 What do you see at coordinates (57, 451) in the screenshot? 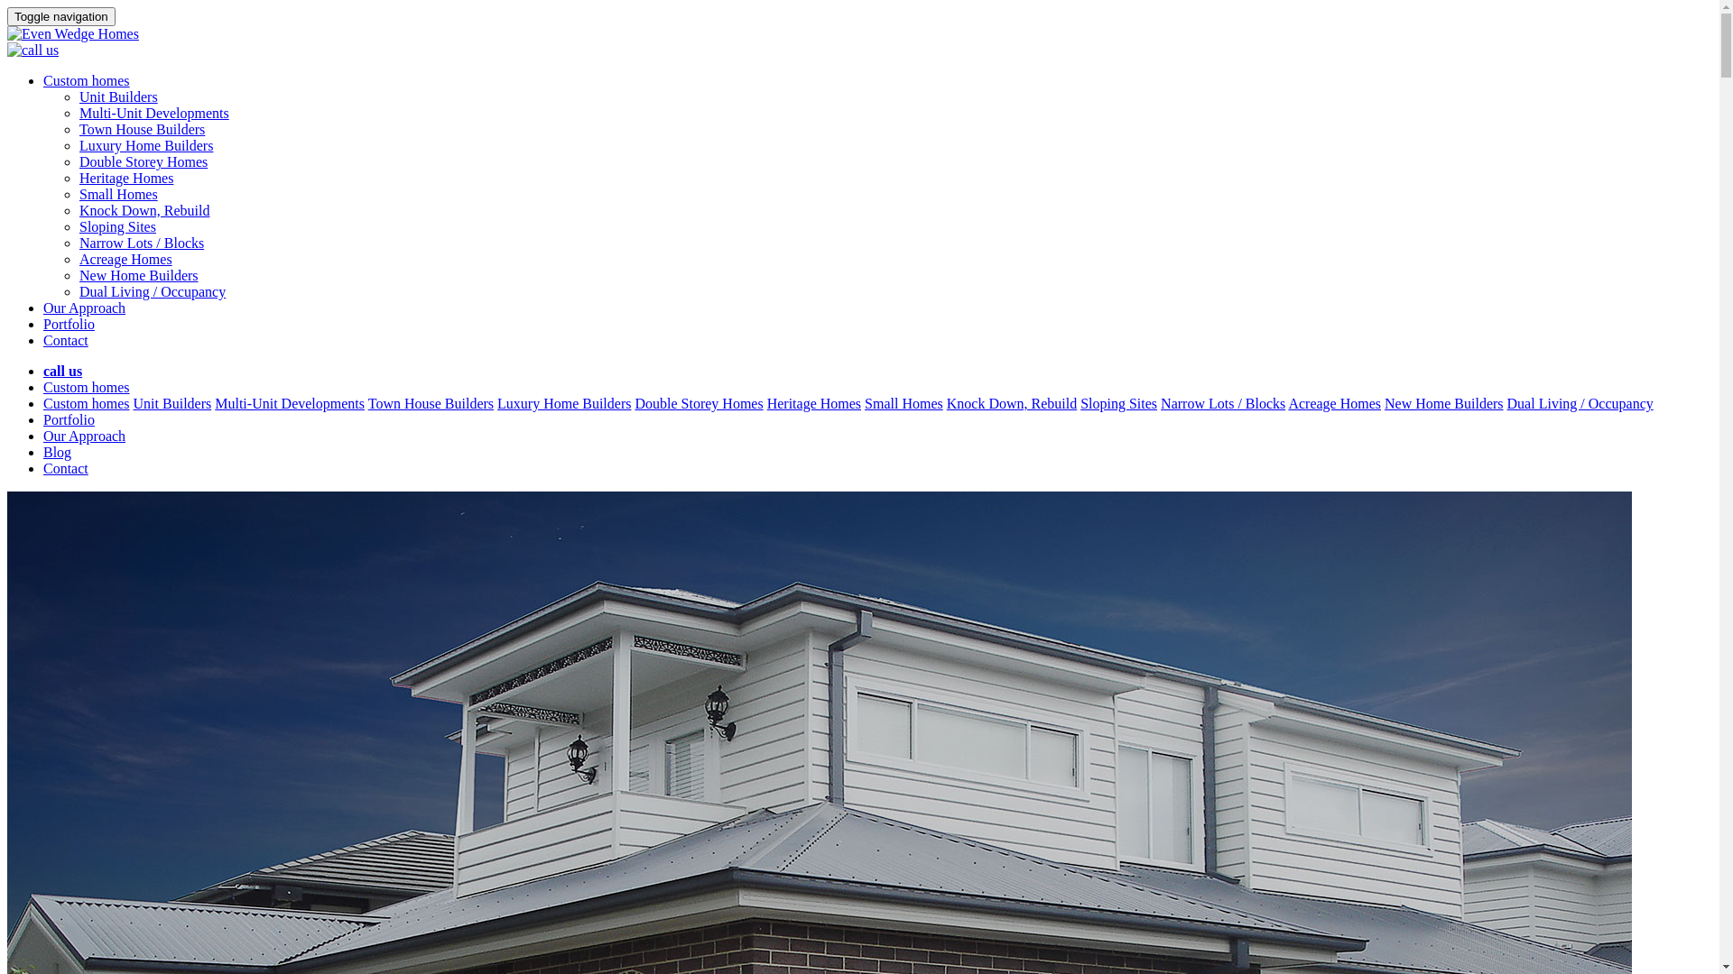
I see `'Blog'` at bounding box center [57, 451].